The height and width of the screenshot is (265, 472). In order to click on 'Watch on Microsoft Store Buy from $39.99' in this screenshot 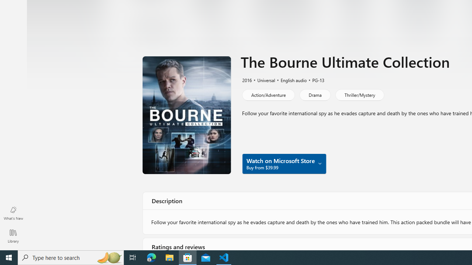, I will do `click(283, 163)`.